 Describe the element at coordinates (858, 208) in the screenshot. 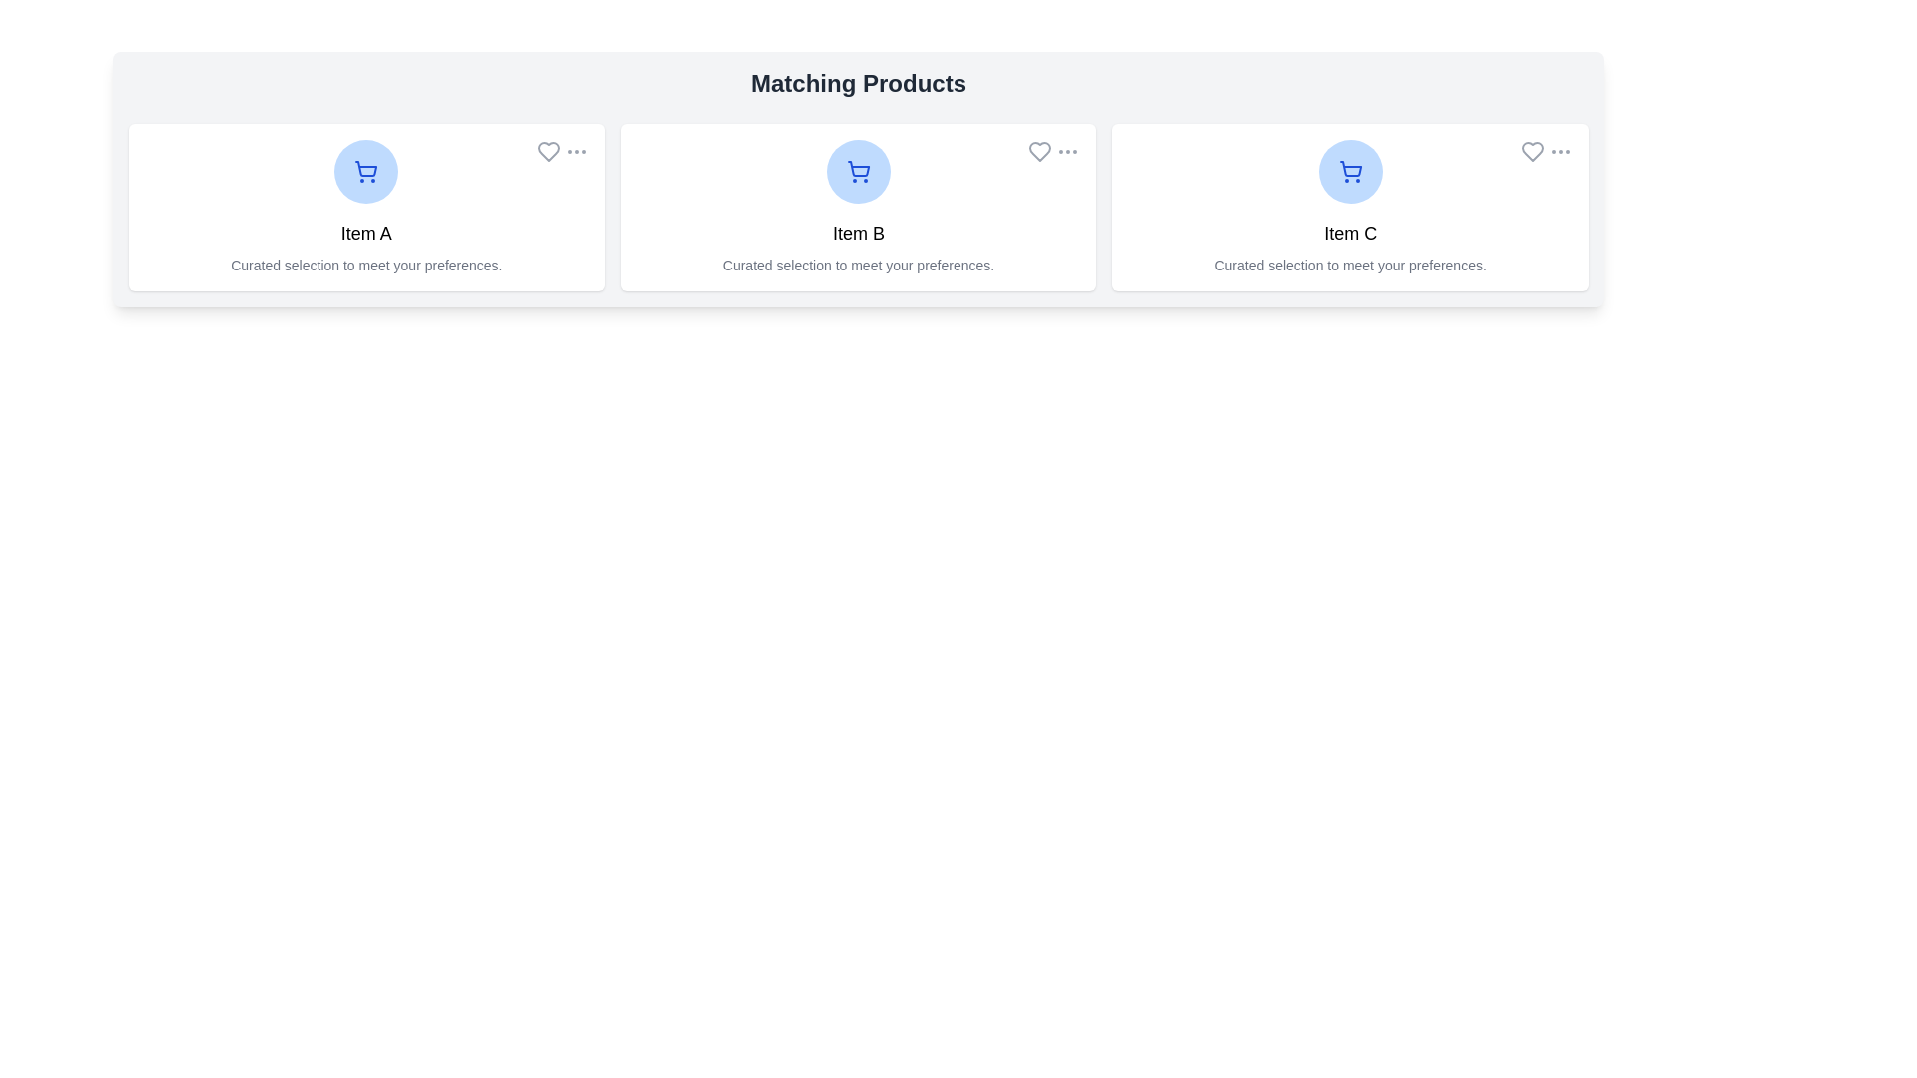

I see `the product card labeled Item B to select it` at that location.